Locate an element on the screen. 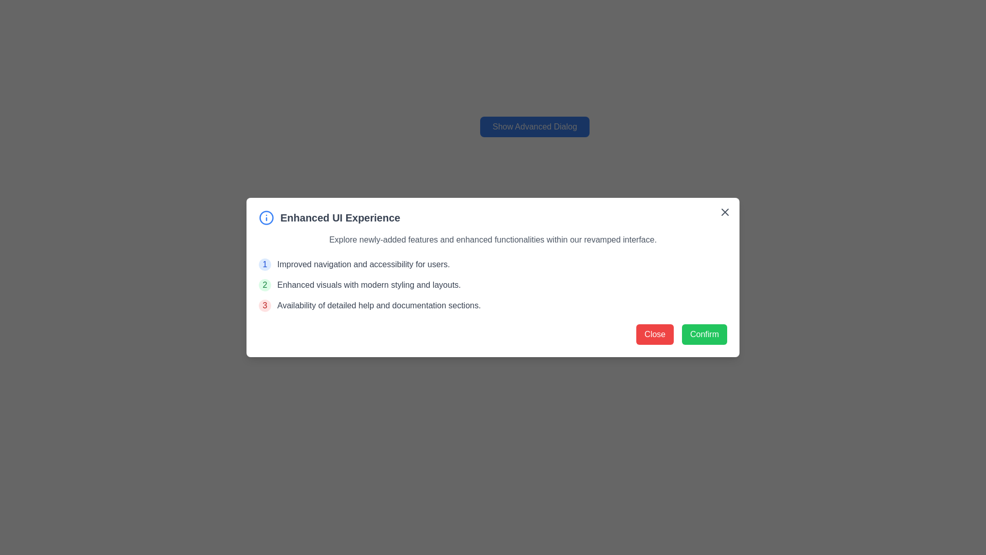 The height and width of the screenshot is (555, 986). the small circular badge with a green background and the number '2' centered in green text, which is positioned to the immediate left of the text 'Enhanced visuals with modern styling and layouts.' is located at coordinates (264, 285).